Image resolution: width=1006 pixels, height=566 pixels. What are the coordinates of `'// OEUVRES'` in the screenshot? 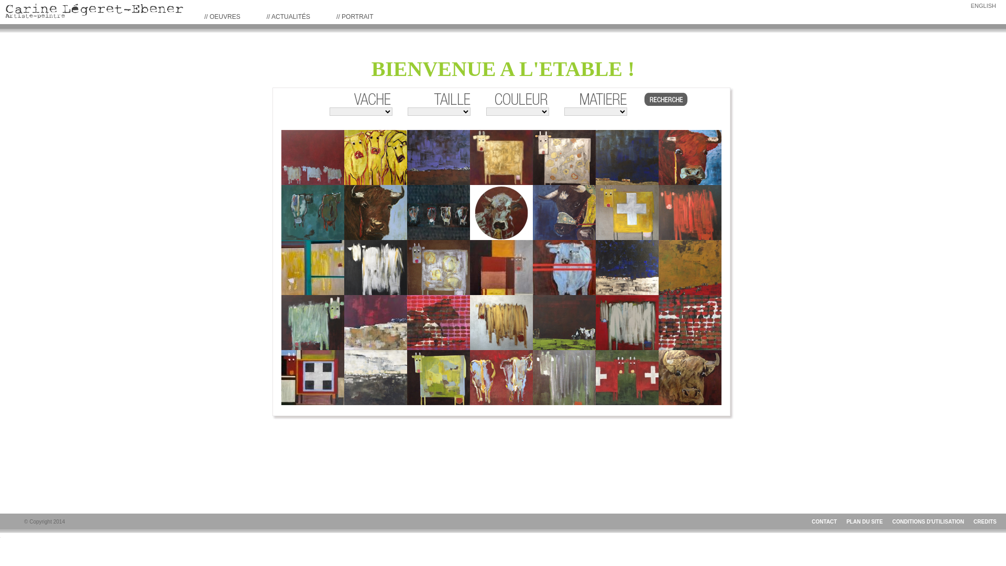 It's located at (222, 16).